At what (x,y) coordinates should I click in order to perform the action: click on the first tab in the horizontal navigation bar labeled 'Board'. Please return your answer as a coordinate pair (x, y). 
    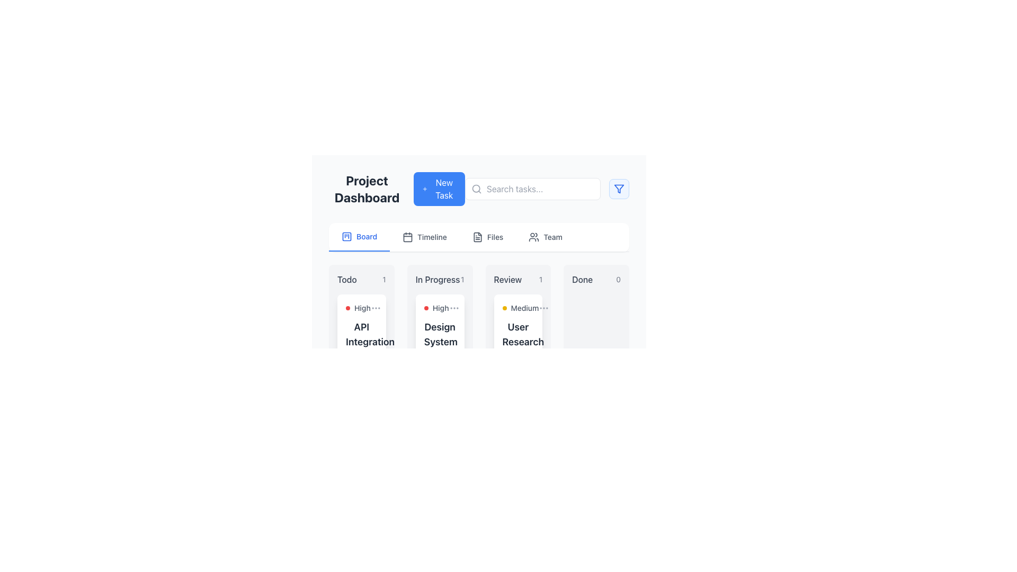
    Looking at the image, I should click on (359, 236).